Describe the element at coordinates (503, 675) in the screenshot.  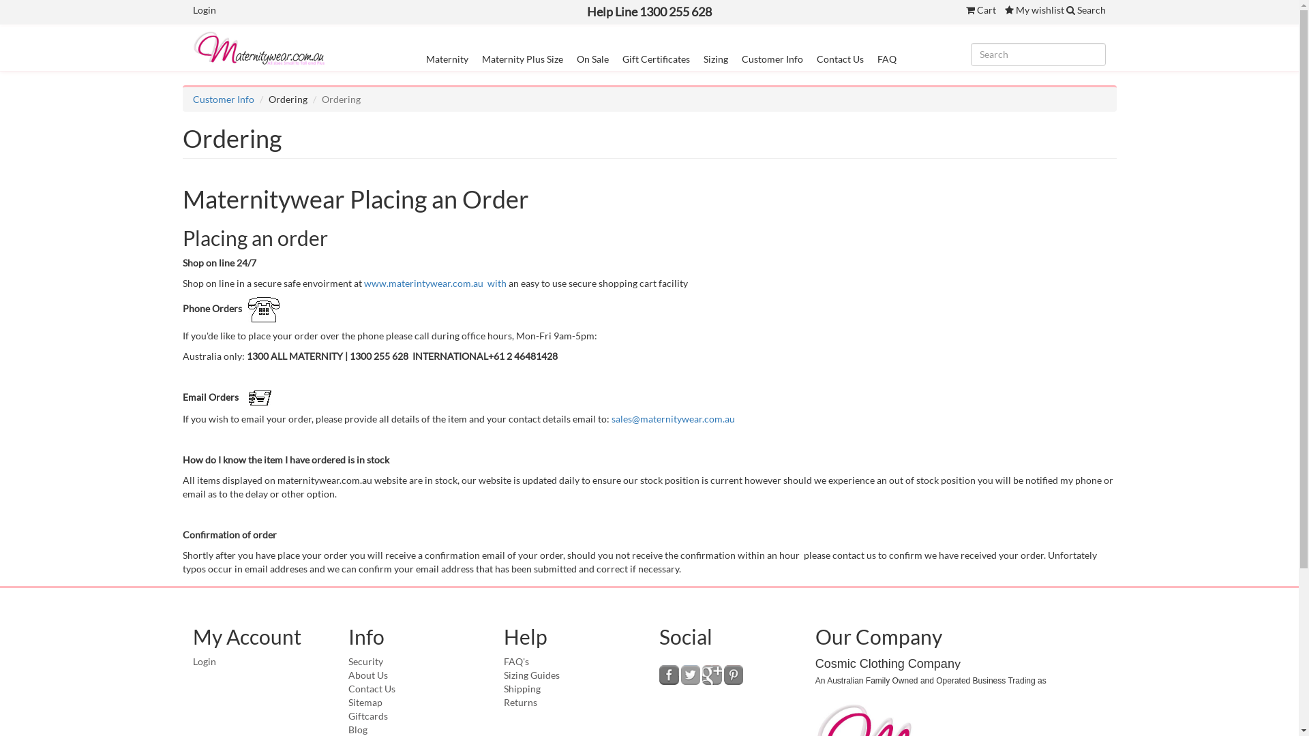
I see `'Sizing Guides'` at that location.